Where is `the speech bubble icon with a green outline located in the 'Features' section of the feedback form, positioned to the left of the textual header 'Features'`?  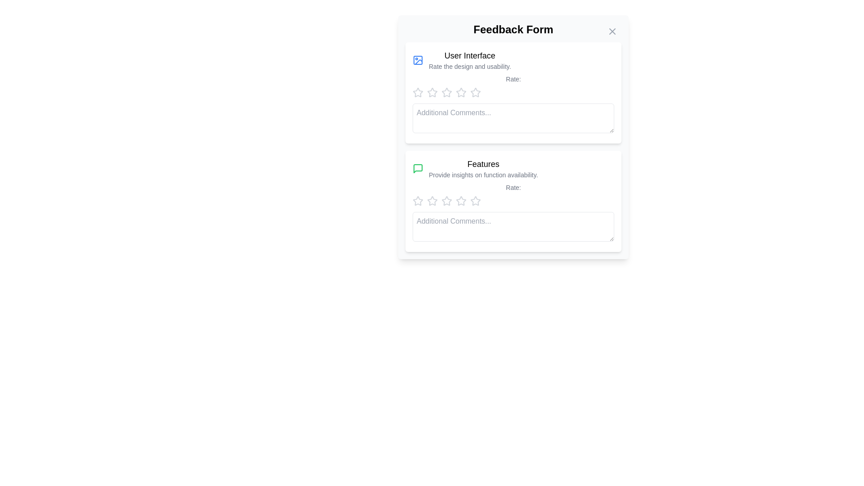 the speech bubble icon with a green outline located in the 'Features' section of the feedback form, positioned to the left of the textual header 'Features' is located at coordinates (418, 168).